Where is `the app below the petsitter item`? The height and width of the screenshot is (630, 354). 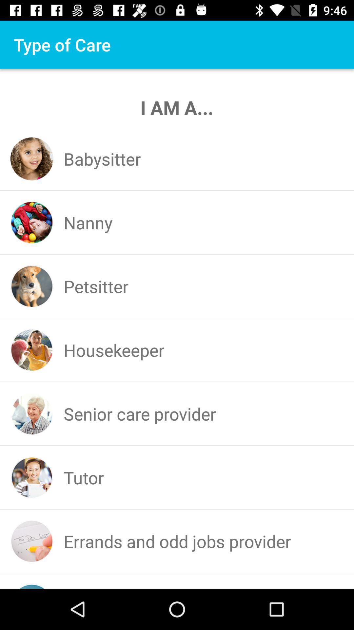 the app below the petsitter item is located at coordinates (113, 349).